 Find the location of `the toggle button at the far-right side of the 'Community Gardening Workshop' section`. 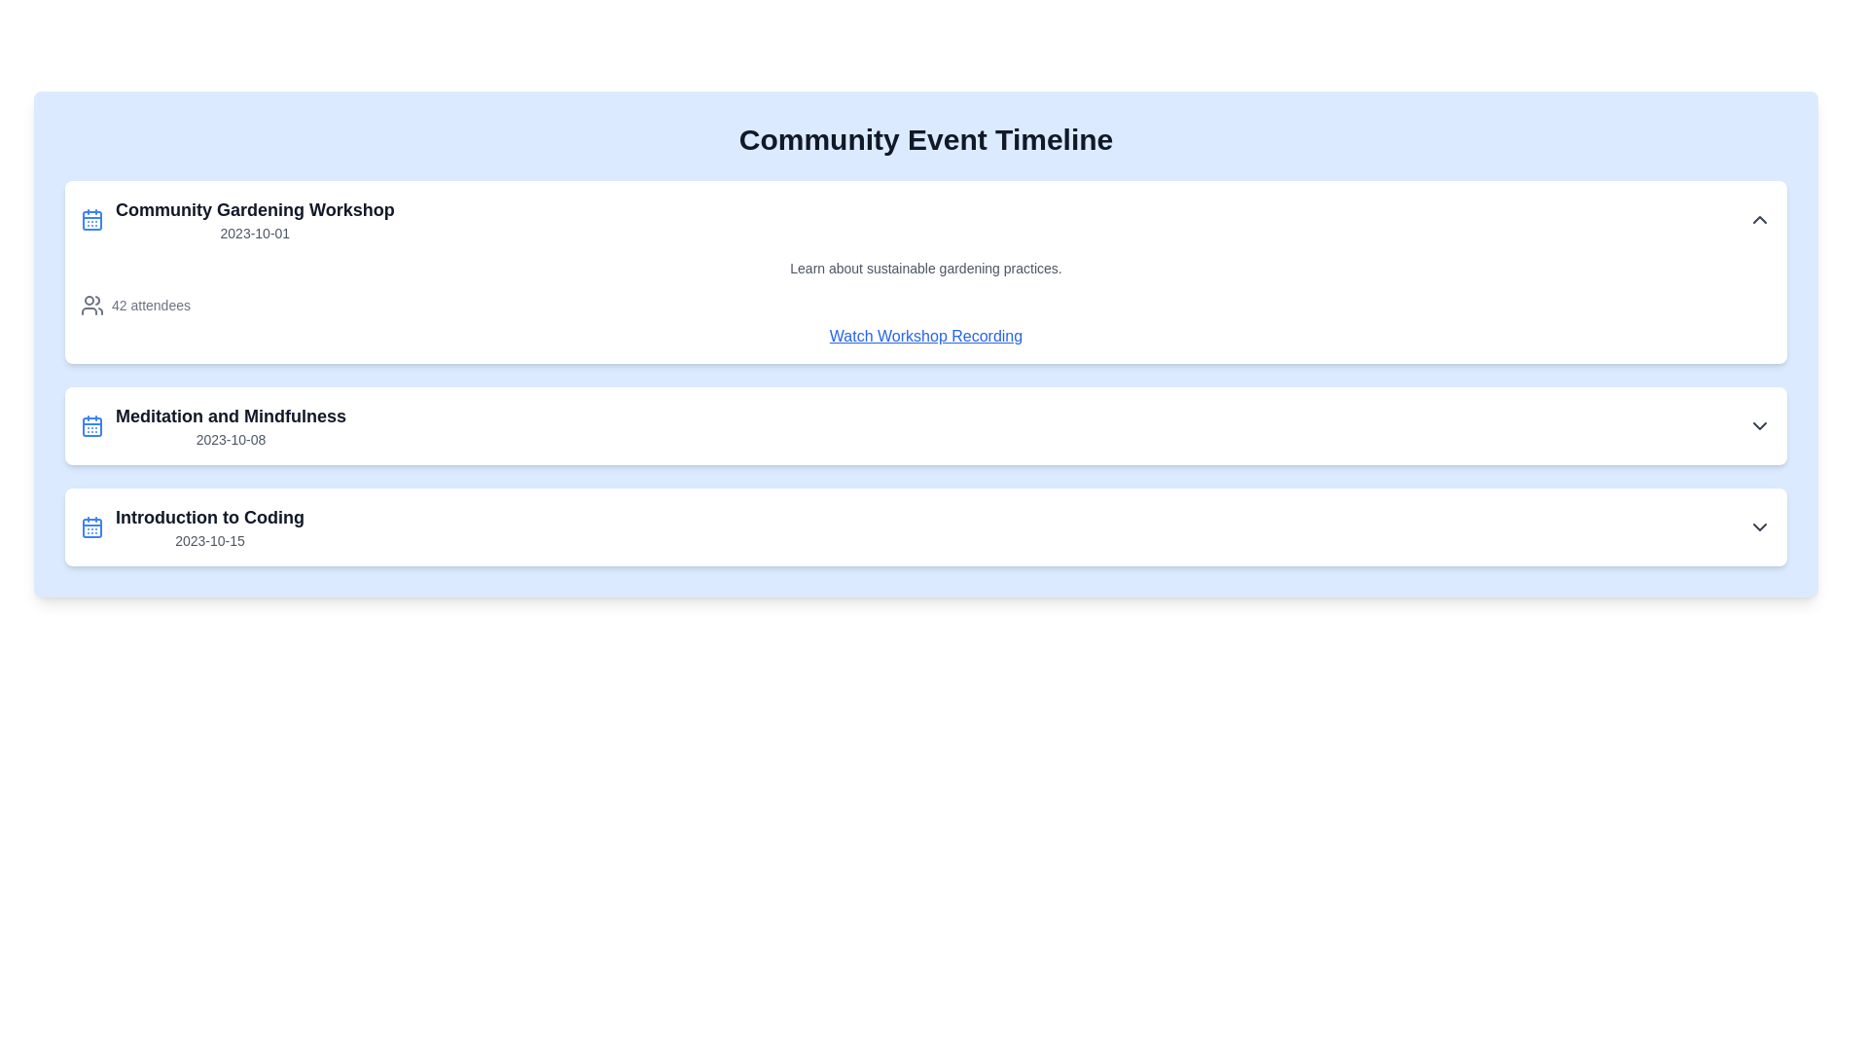

the toggle button at the far-right side of the 'Community Gardening Workshop' section is located at coordinates (1760, 219).